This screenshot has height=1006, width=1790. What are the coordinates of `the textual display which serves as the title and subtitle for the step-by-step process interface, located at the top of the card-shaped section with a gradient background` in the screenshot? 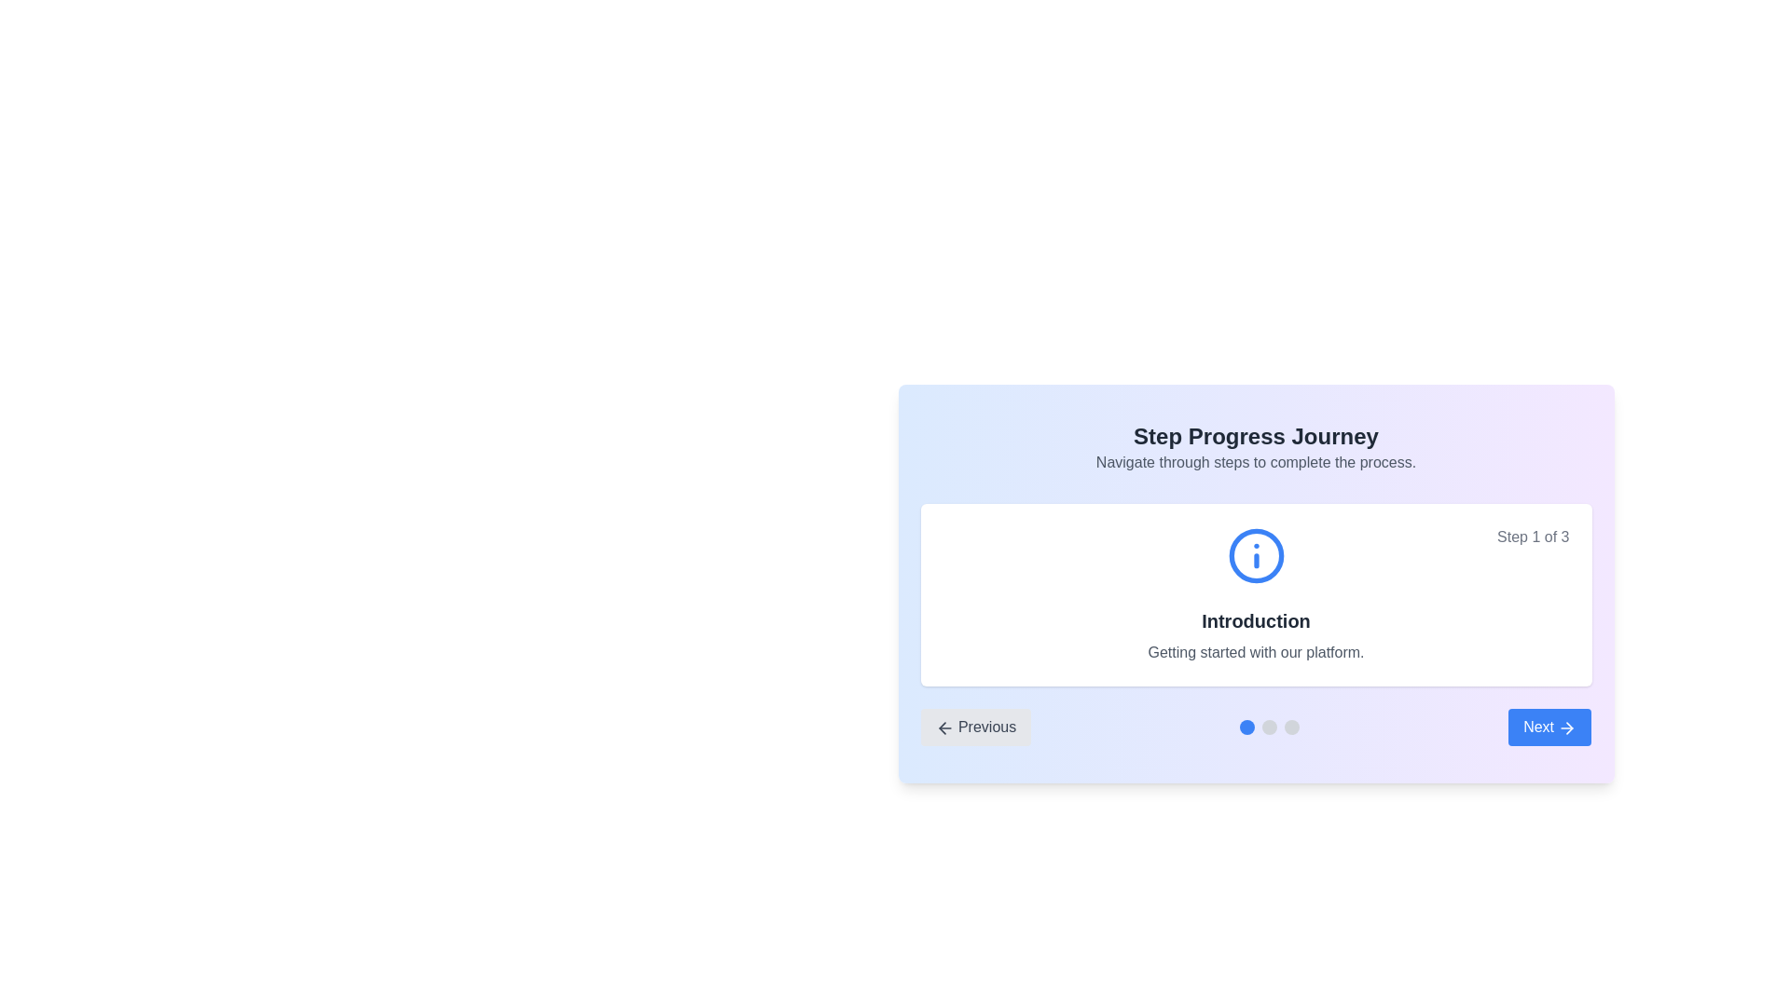 It's located at (1256, 448).